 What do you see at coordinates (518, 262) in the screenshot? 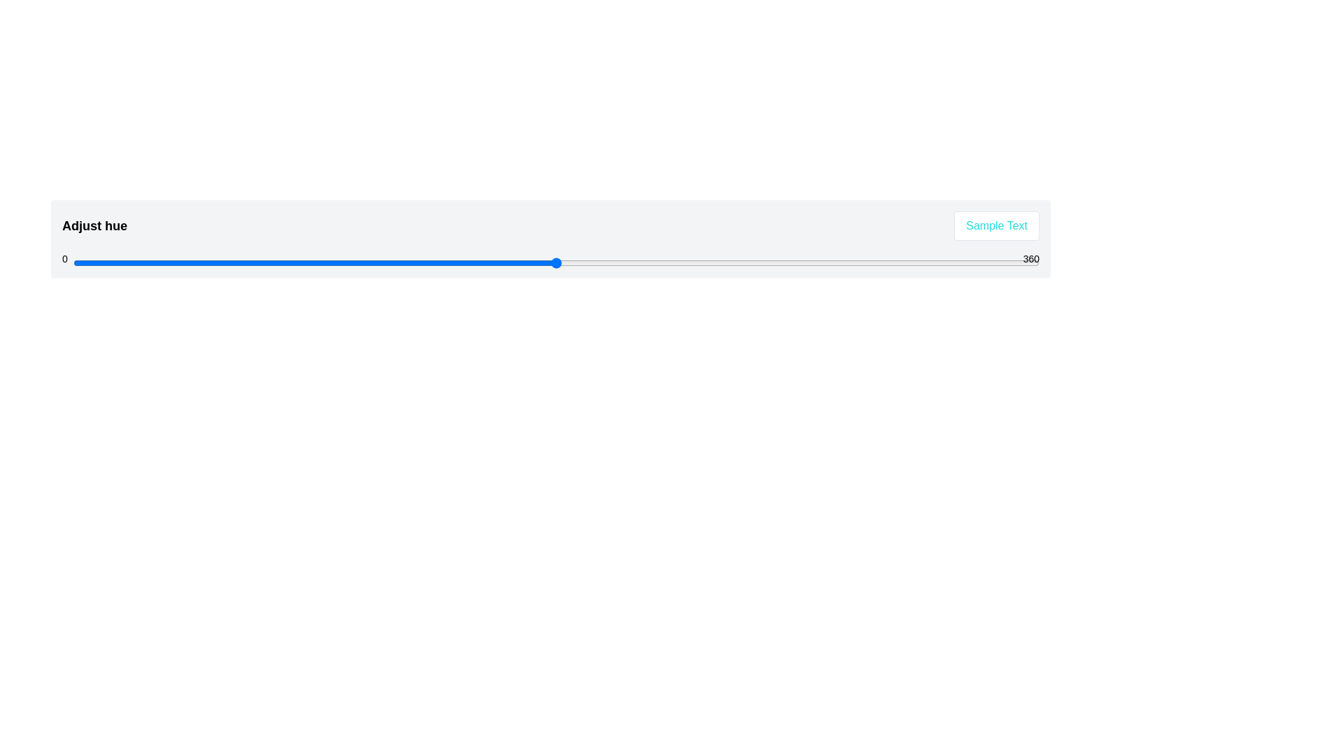
I see `the hue slider to a value of 166` at bounding box center [518, 262].